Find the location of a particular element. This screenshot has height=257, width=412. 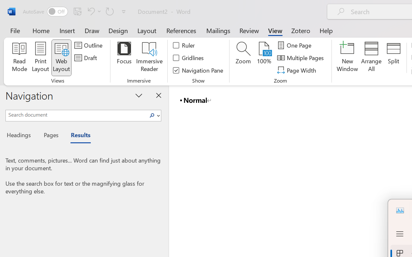

'Navigation Pane' is located at coordinates (198, 70).